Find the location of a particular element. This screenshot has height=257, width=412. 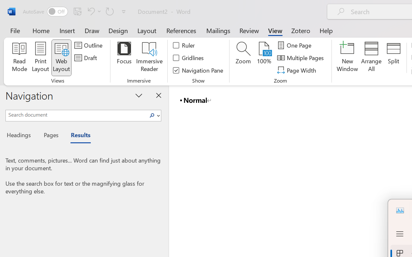

'Navigation Pane' is located at coordinates (198, 70).